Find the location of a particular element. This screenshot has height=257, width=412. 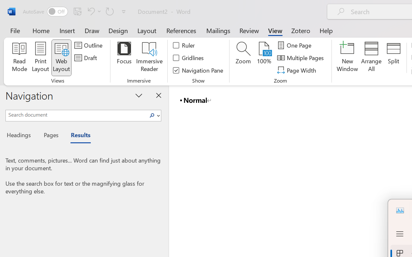

'Navigation Pane' is located at coordinates (198, 70).